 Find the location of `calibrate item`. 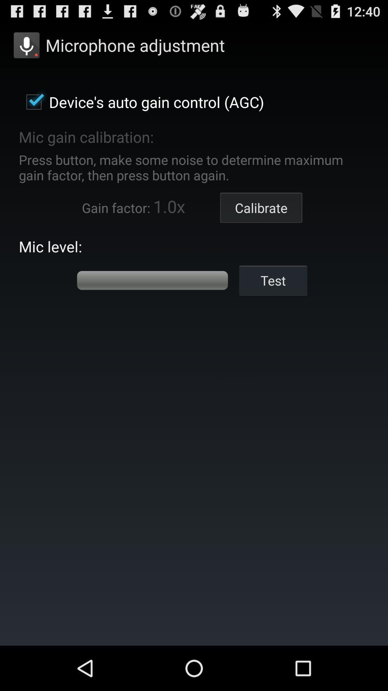

calibrate item is located at coordinates (261, 207).